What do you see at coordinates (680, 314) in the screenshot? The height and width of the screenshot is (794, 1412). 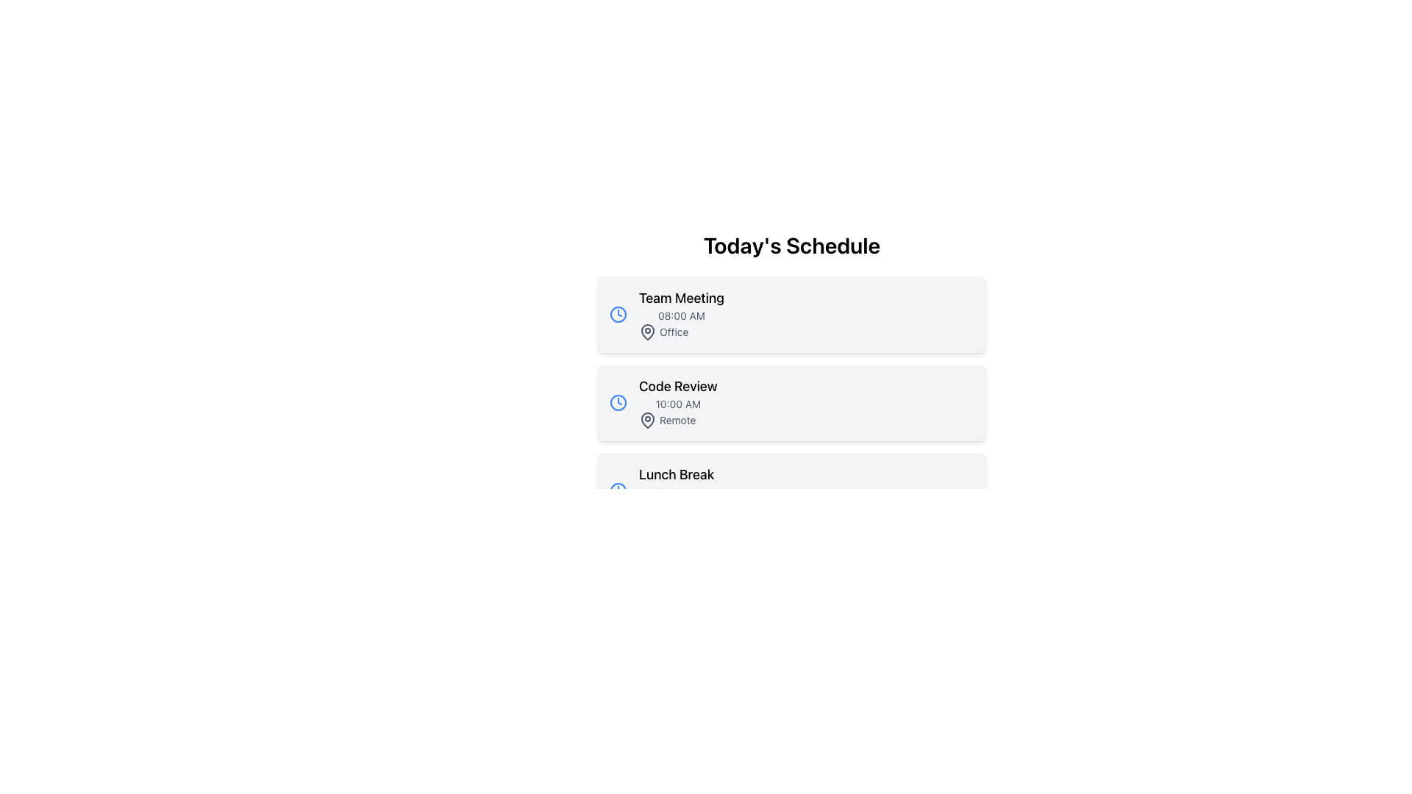 I see `the 'Team Meeting' information display component` at bounding box center [680, 314].